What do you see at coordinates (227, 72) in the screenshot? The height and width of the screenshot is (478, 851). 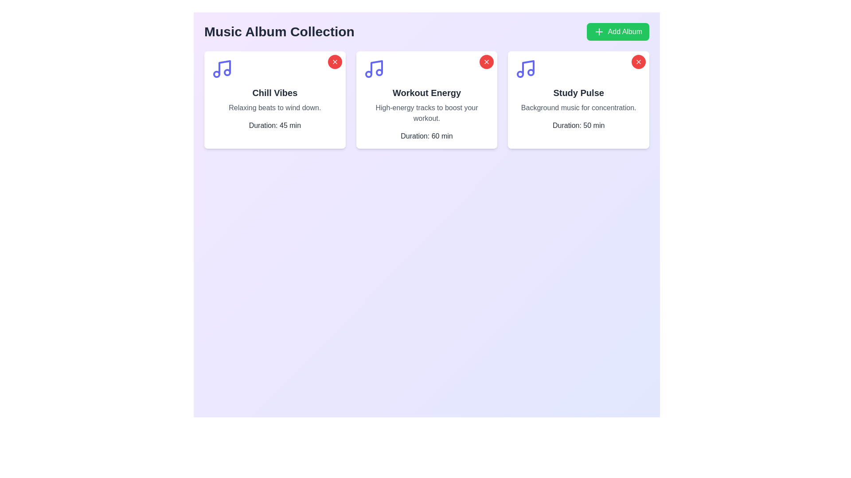 I see `the small circular element in the SVG icon depicting a musical note, located in the top-left corner of the first card in the interface` at bounding box center [227, 72].